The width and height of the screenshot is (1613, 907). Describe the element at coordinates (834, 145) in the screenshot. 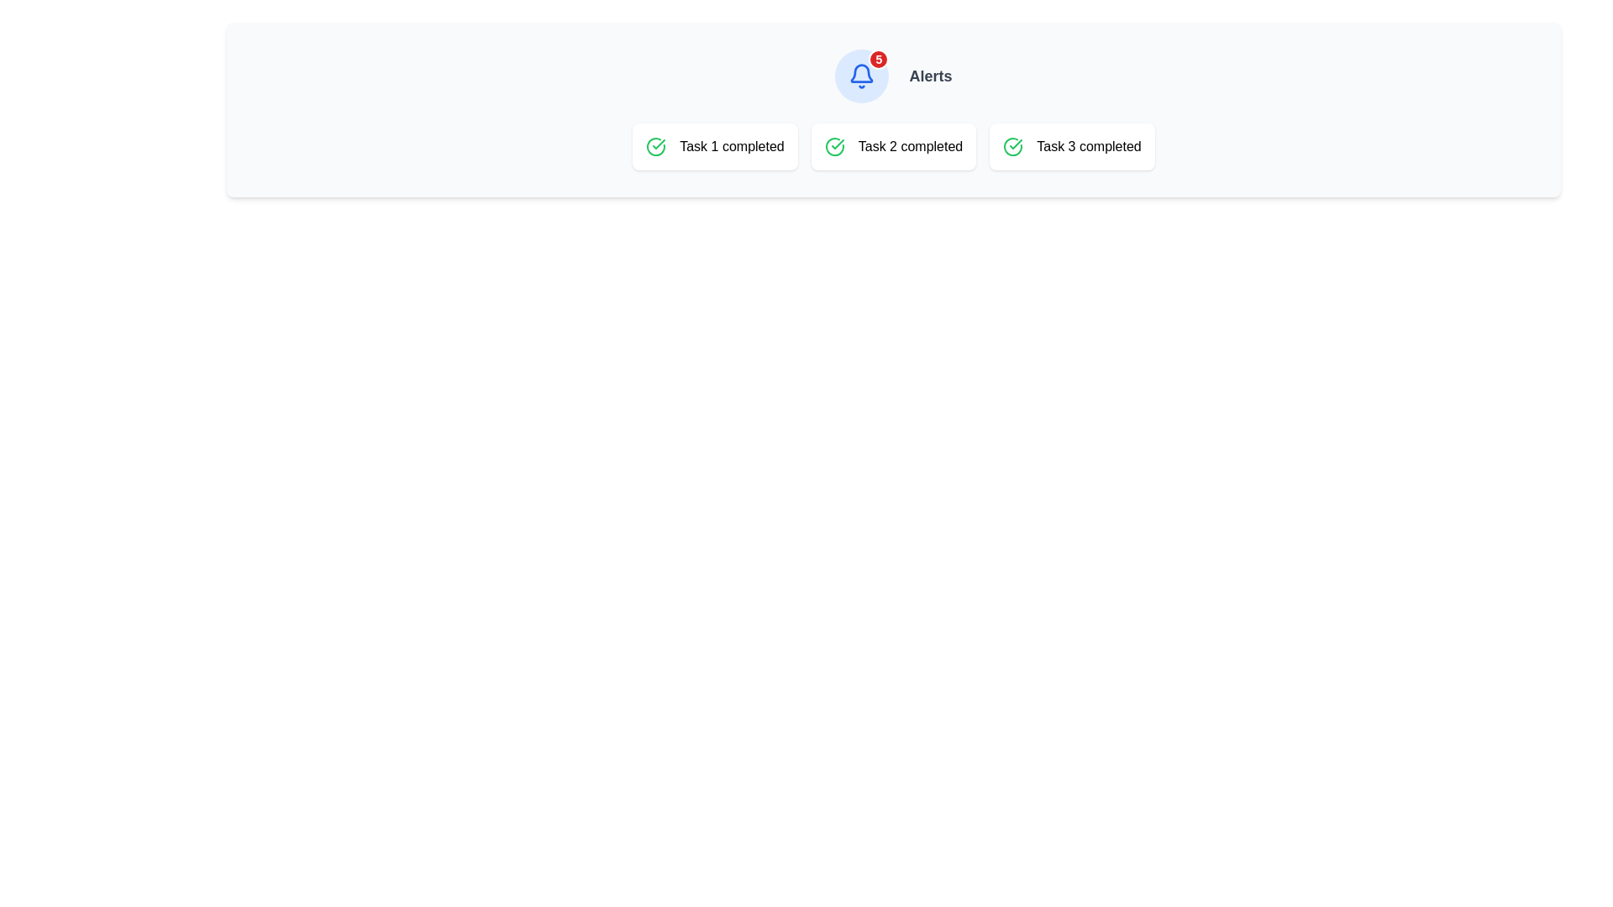

I see `the green check mark icon indicating 'Task 2 completed'` at that location.